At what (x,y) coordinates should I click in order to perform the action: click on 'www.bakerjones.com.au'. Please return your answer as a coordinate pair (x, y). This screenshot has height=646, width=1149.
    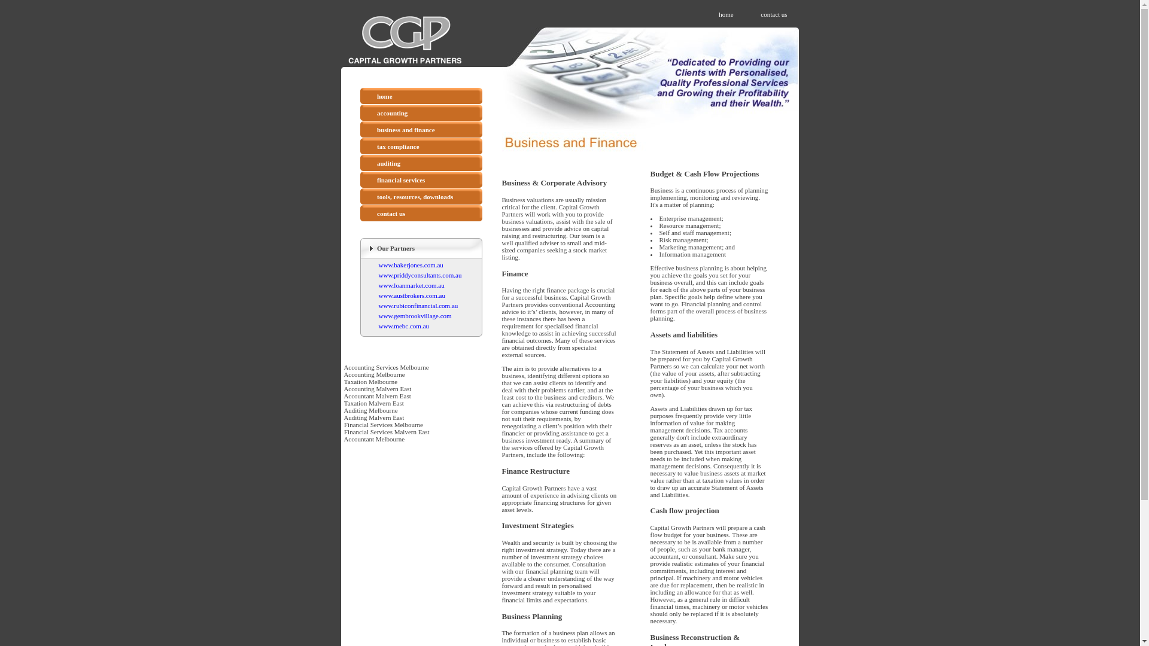
    Looking at the image, I should click on (411, 264).